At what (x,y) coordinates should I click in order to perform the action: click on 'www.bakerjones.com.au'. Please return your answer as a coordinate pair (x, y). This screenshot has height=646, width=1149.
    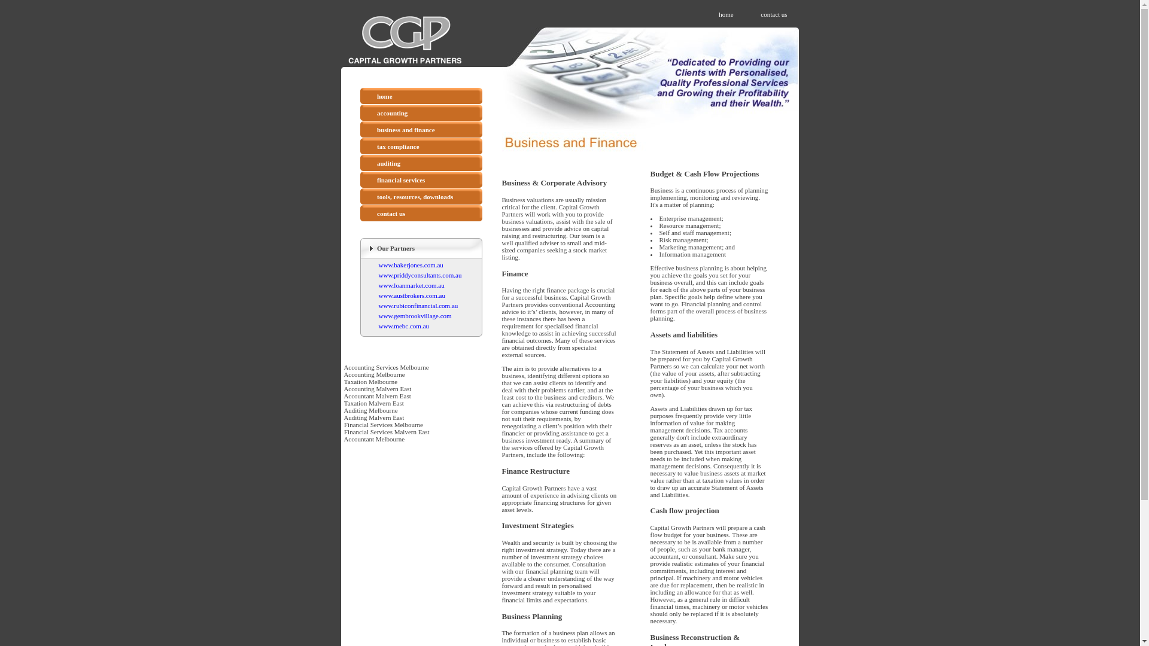
    Looking at the image, I should click on (411, 264).